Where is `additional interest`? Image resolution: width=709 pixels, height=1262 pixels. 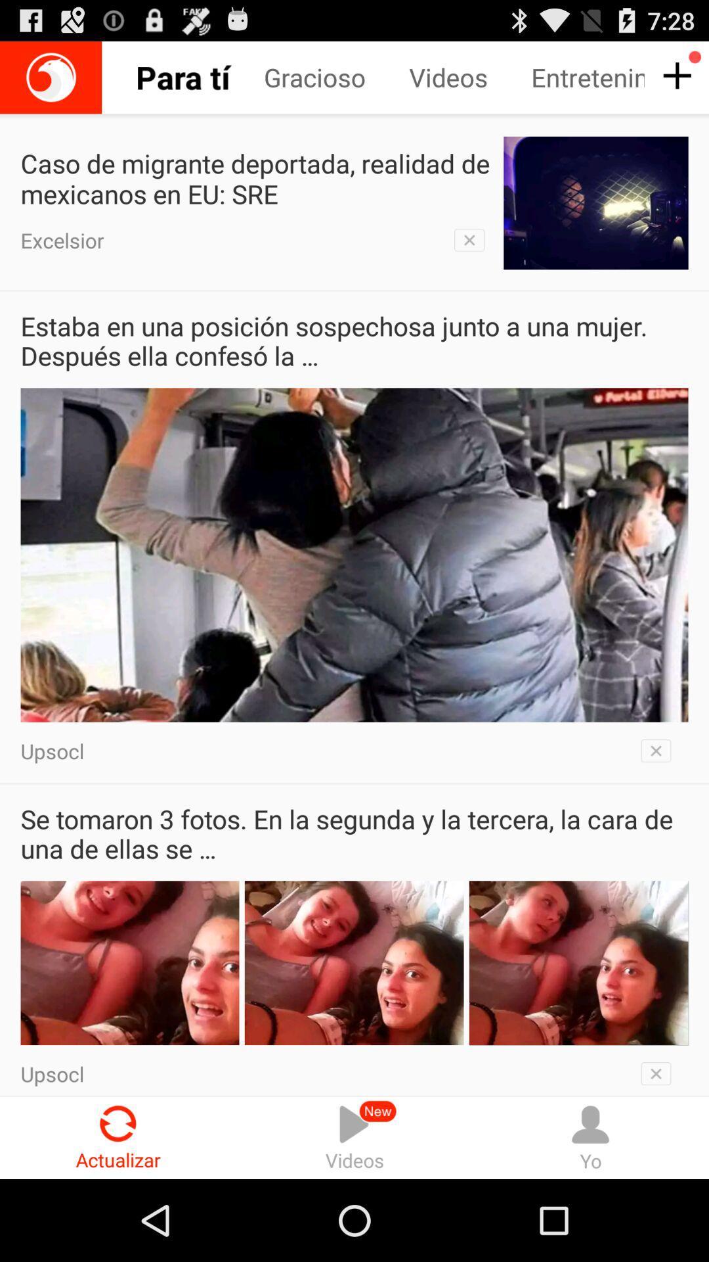
additional interest is located at coordinates (675, 76).